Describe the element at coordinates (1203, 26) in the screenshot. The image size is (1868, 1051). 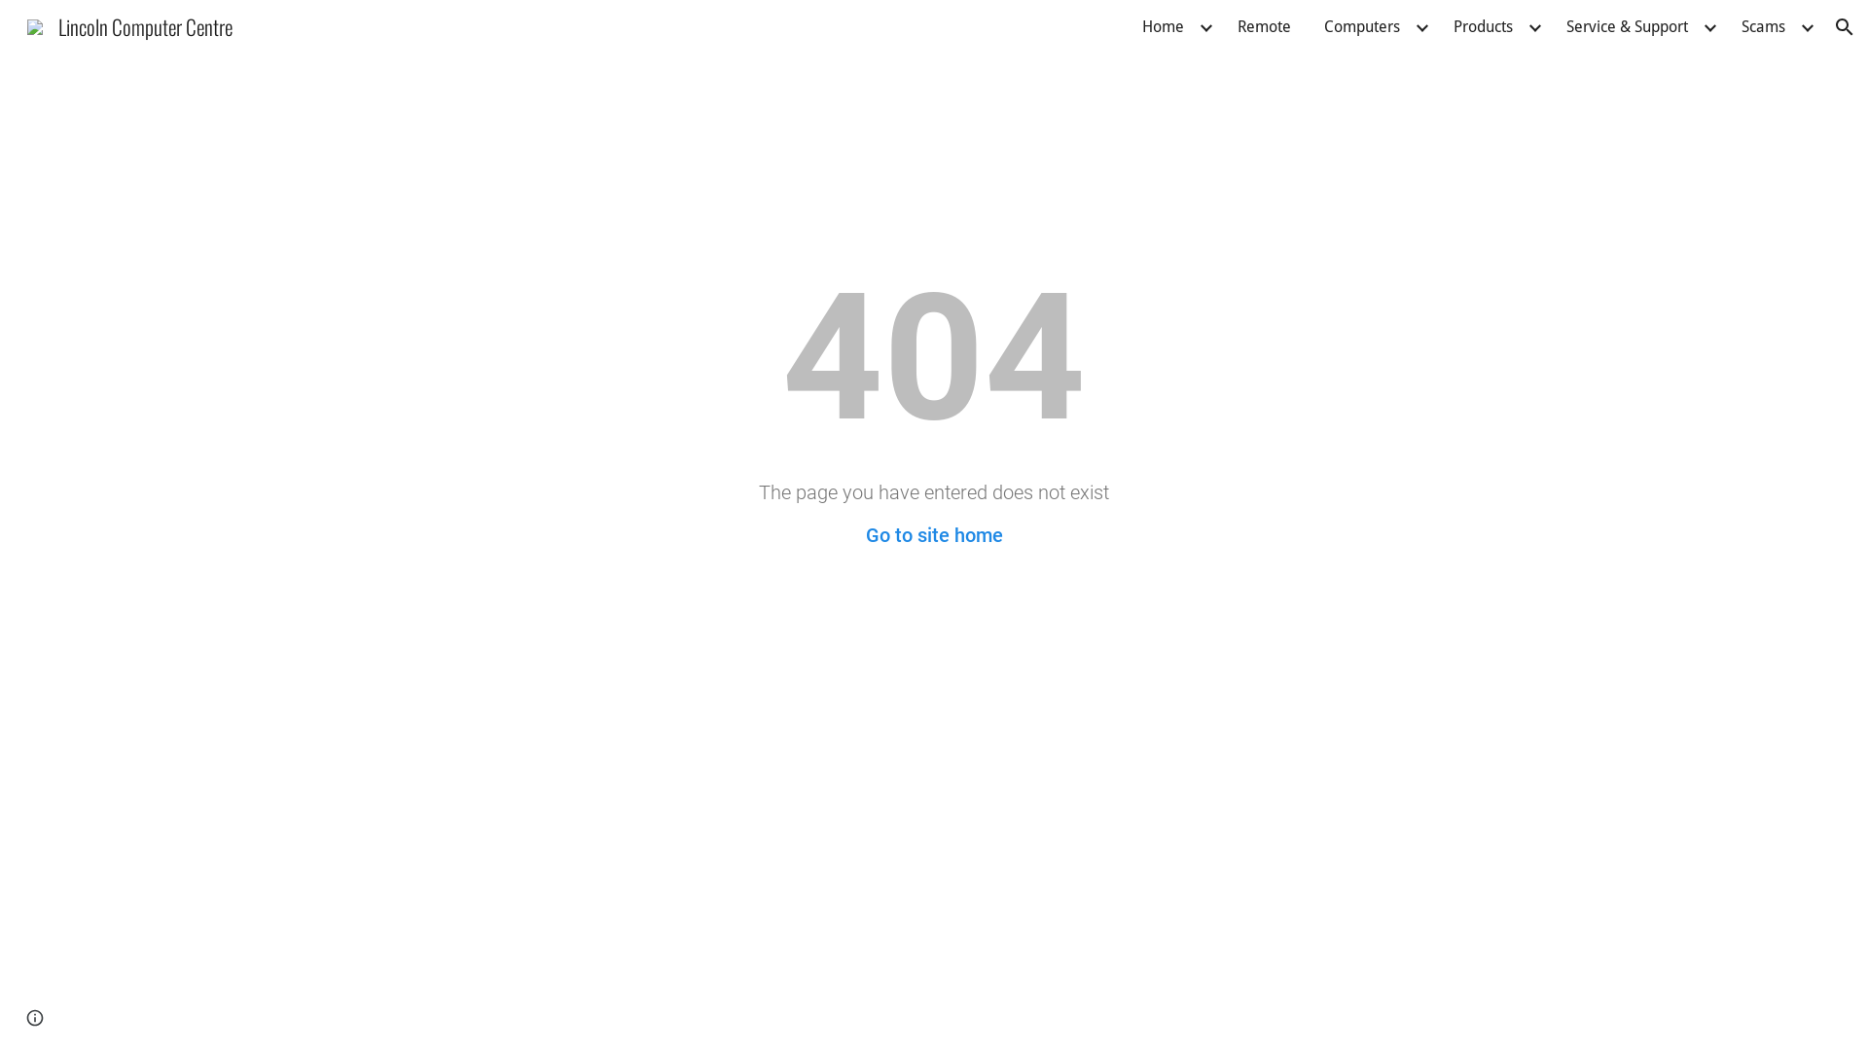
I see `'Expand/Collapse'` at that location.